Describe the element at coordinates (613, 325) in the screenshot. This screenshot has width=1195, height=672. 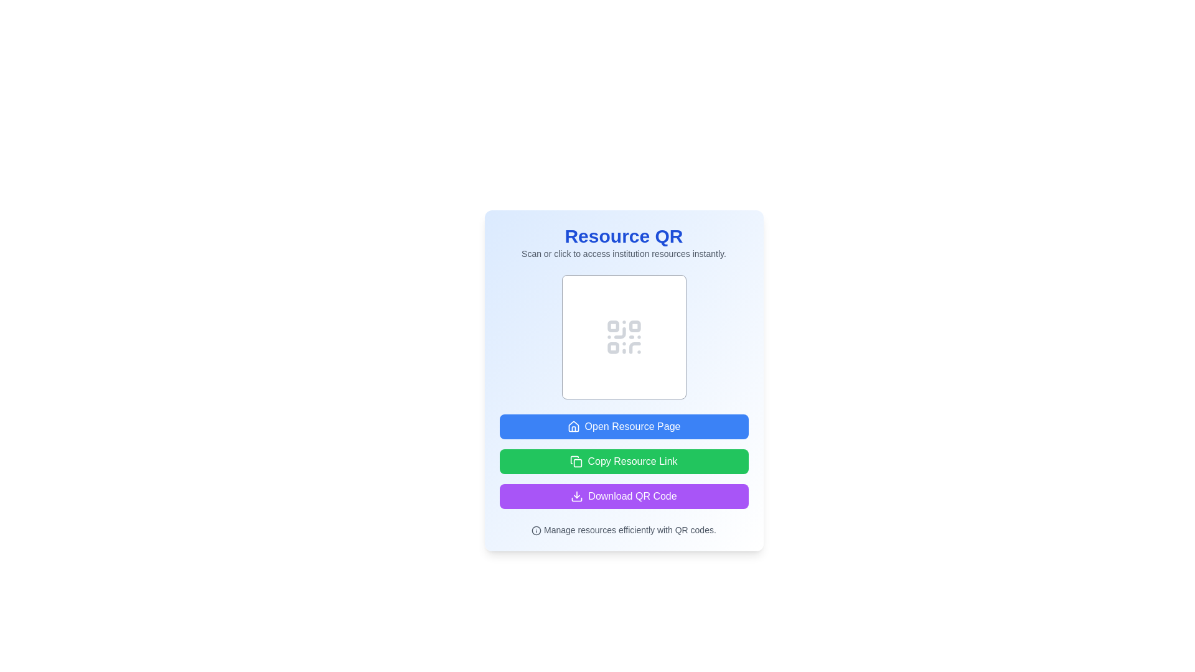
I see `and interact with the decorative element located` at that location.